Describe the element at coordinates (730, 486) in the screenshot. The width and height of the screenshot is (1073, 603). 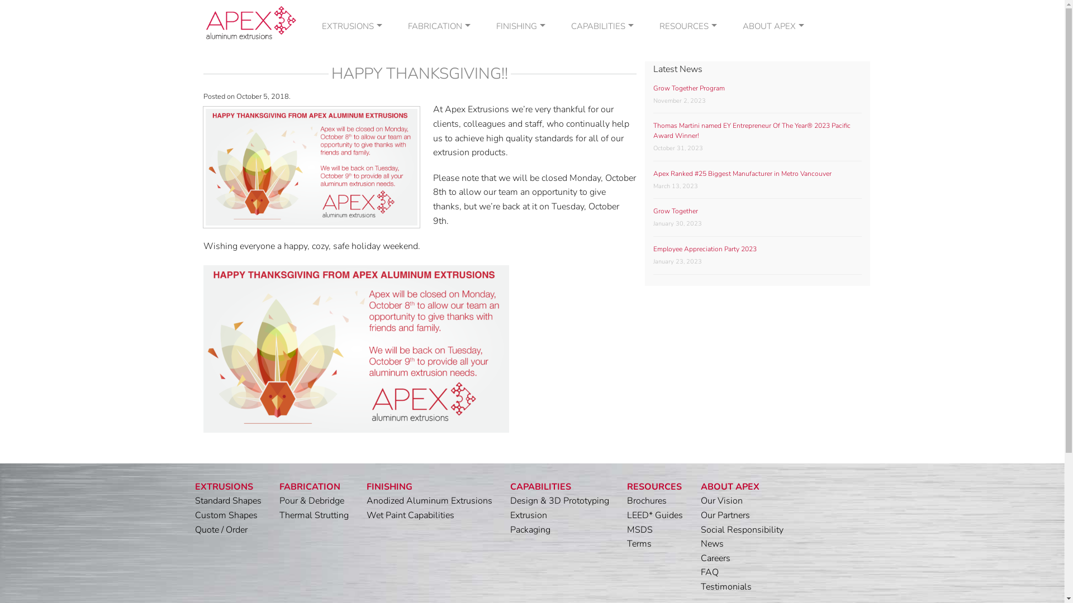
I see `'ABOUT APEX'` at that location.